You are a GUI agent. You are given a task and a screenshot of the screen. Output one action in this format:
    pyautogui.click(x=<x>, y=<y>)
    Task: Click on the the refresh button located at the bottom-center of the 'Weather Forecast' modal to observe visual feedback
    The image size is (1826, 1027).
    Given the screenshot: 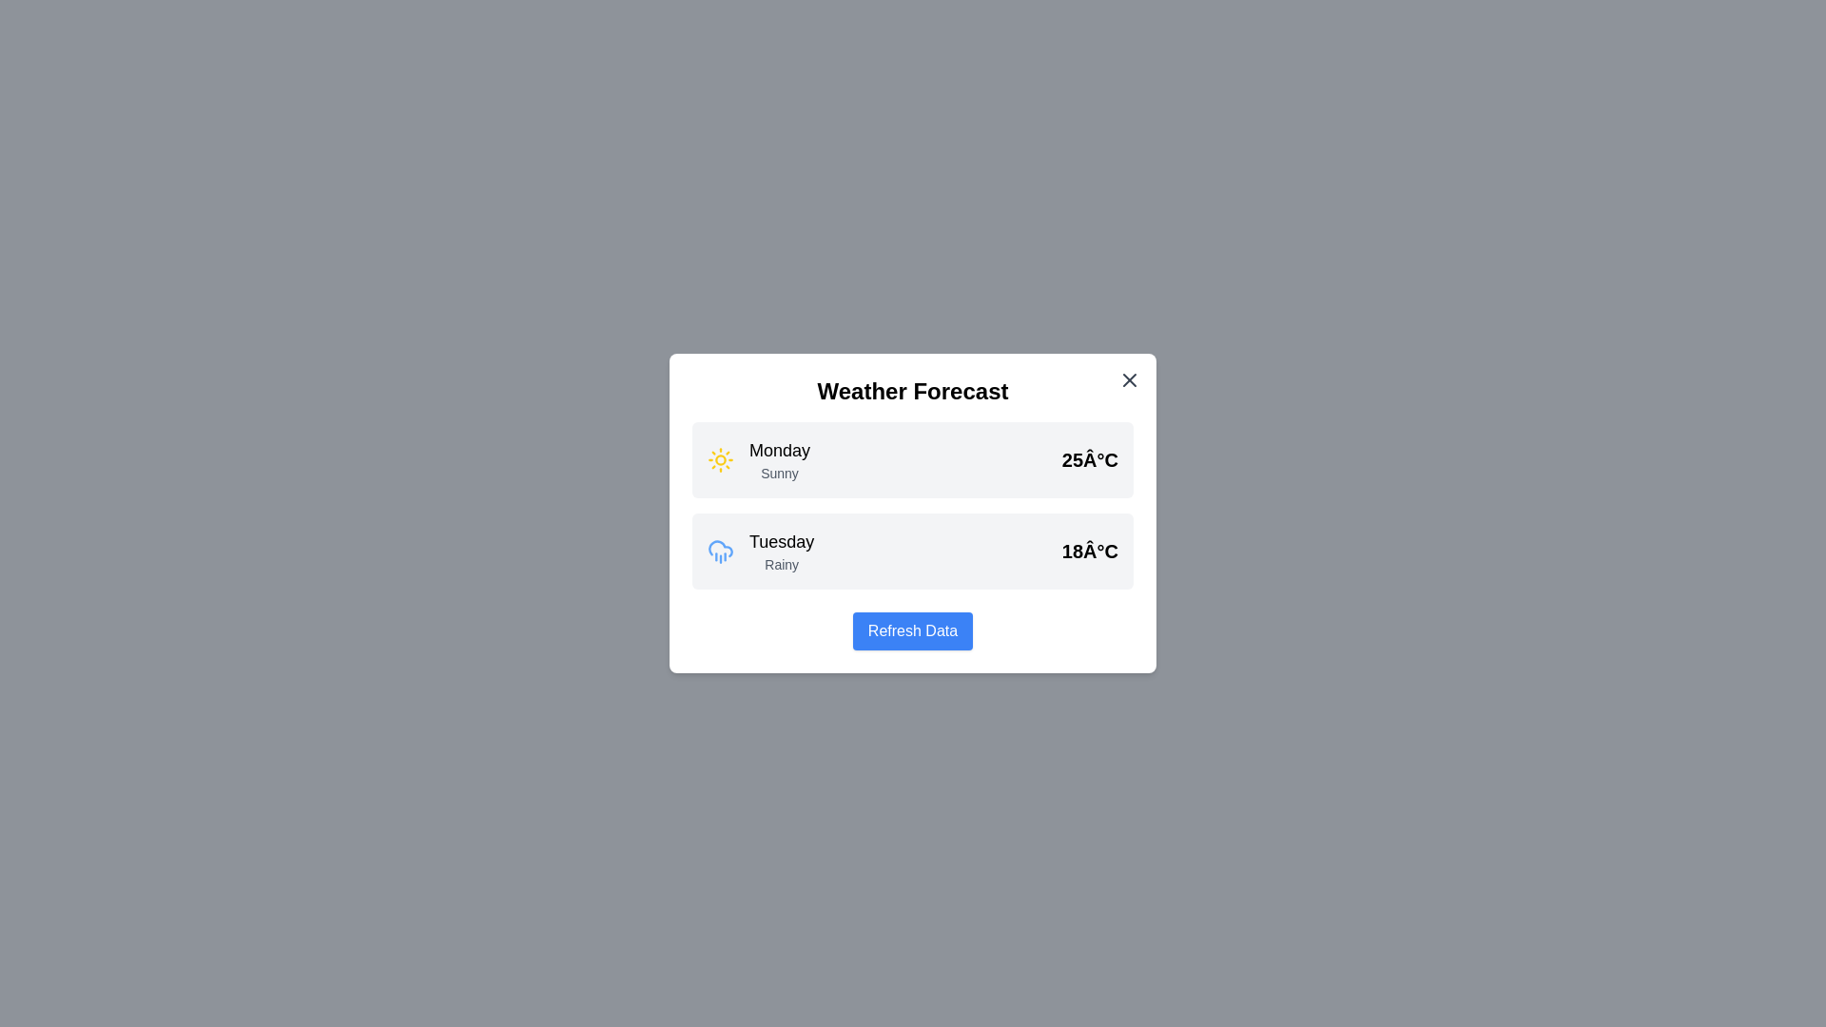 What is the action you would take?
    pyautogui.click(x=913, y=630)
    